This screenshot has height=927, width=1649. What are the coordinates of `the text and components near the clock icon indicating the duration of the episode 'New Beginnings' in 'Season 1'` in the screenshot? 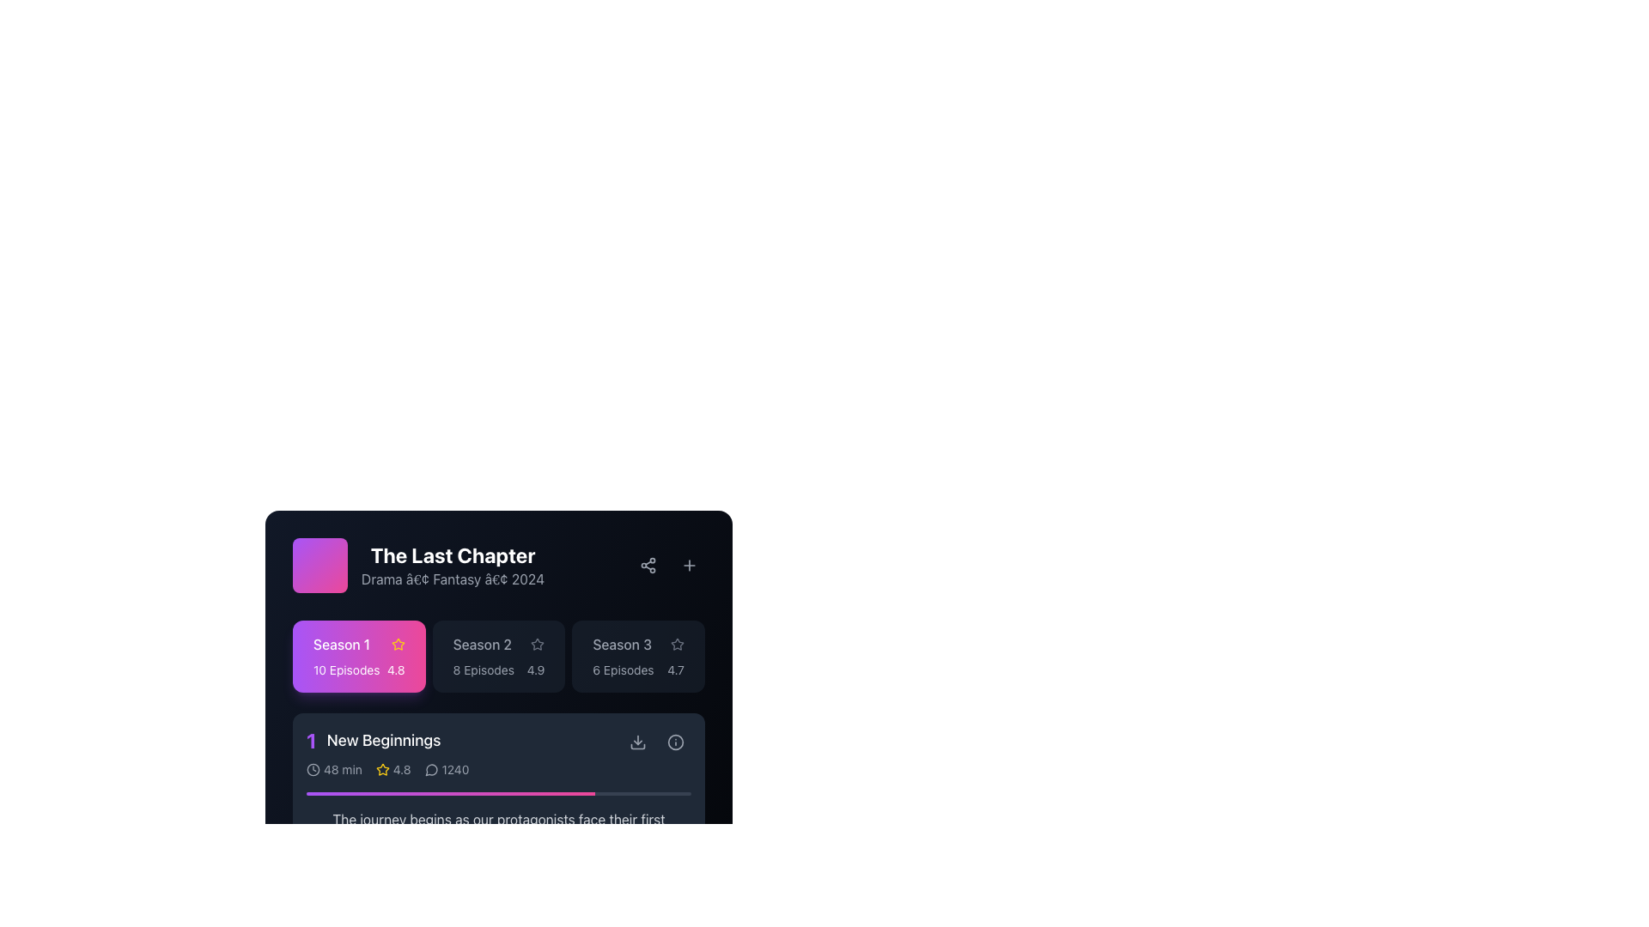 It's located at (313, 769).